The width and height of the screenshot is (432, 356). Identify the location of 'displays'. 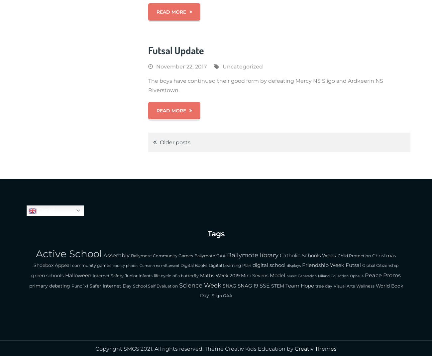
(293, 265).